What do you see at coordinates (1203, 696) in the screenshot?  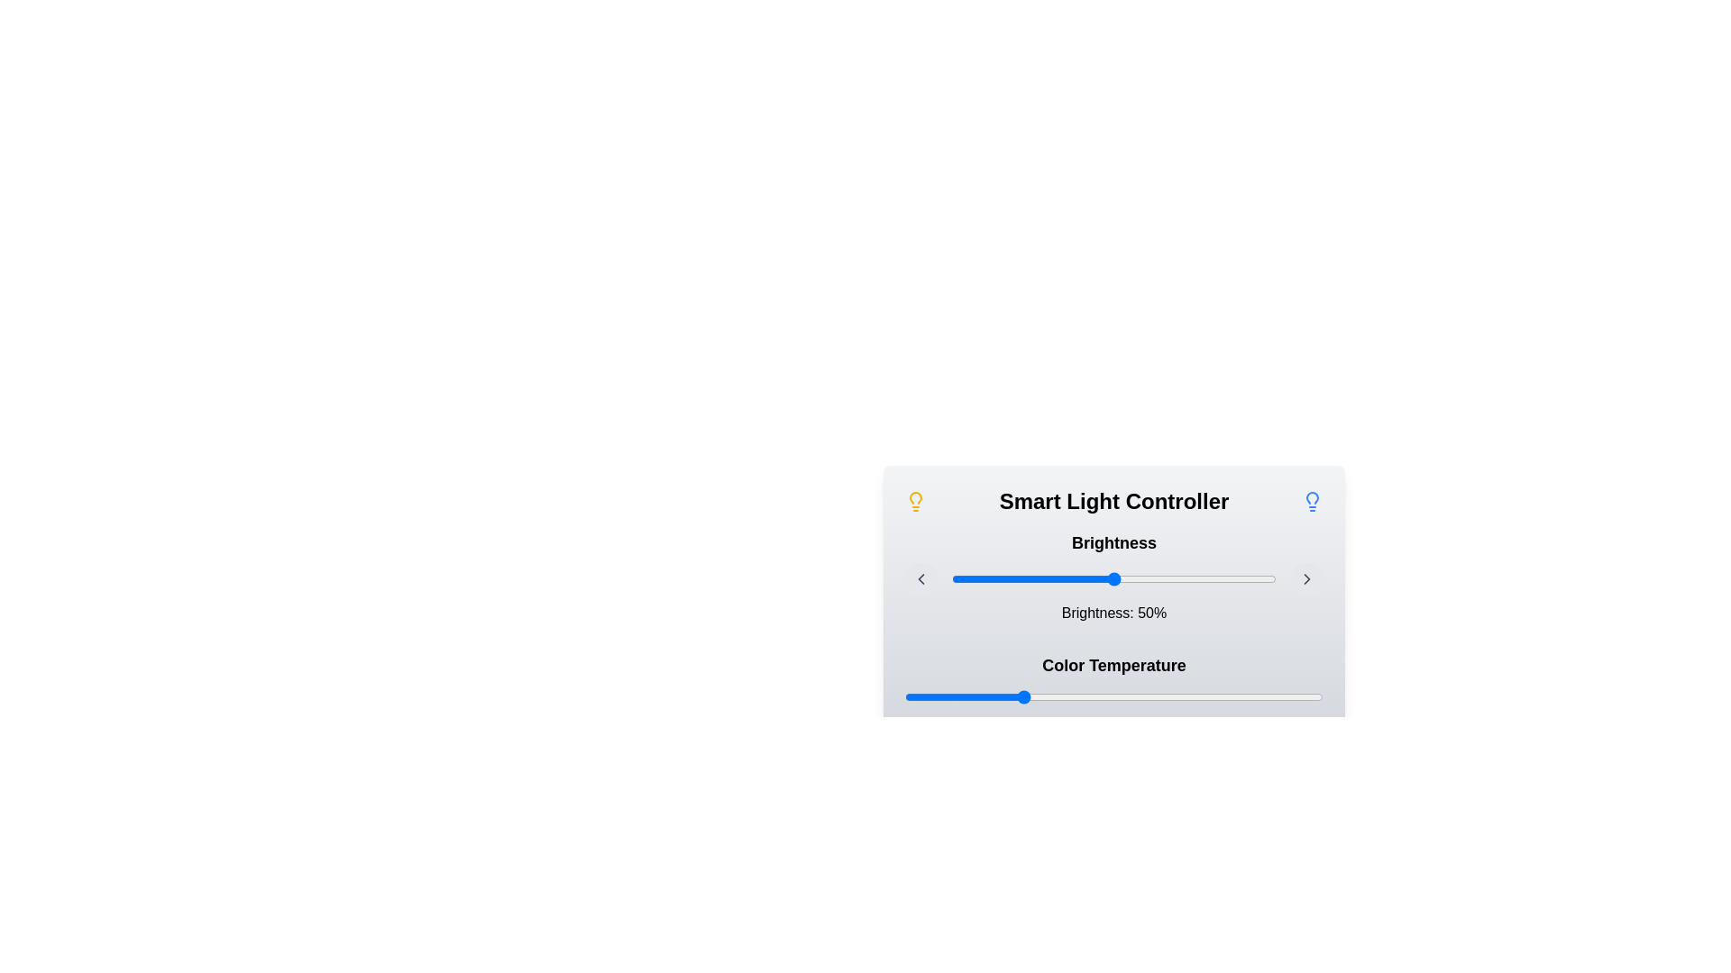 I see `color temperature` at bounding box center [1203, 696].